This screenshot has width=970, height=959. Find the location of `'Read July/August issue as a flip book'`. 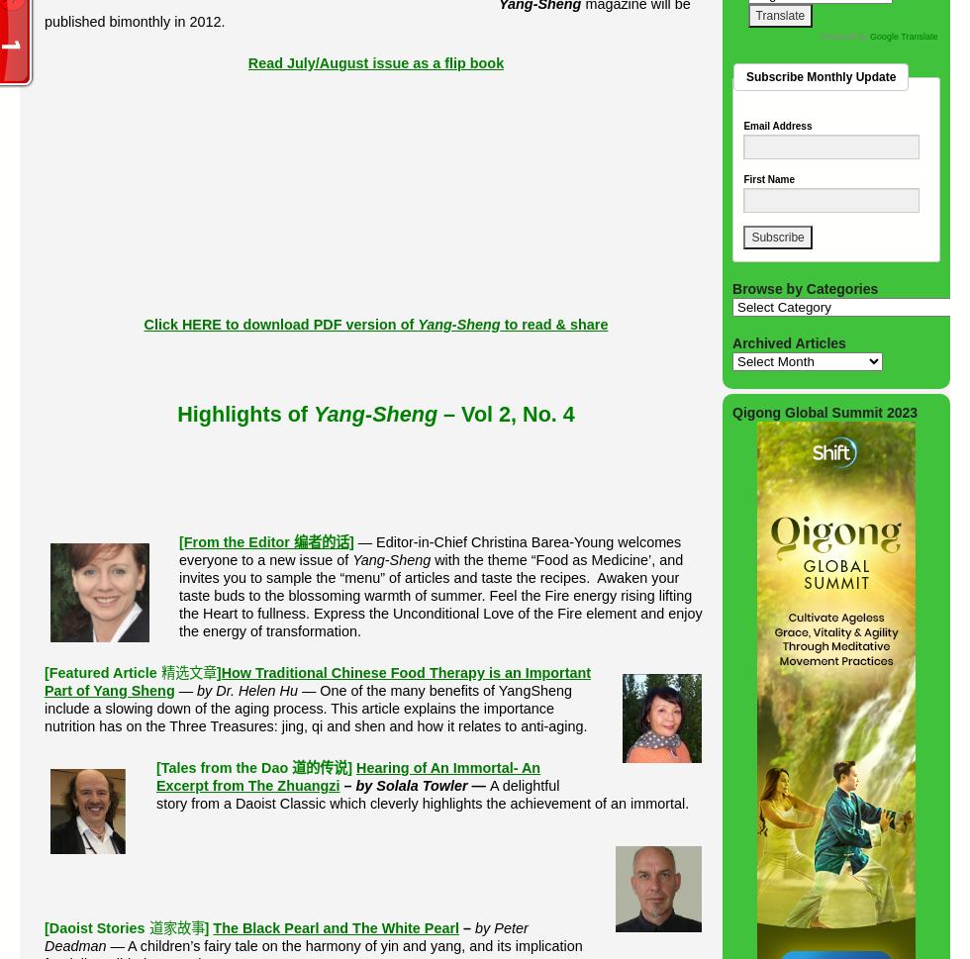

'Read July/August issue as a flip book' is located at coordinates (375, 60).